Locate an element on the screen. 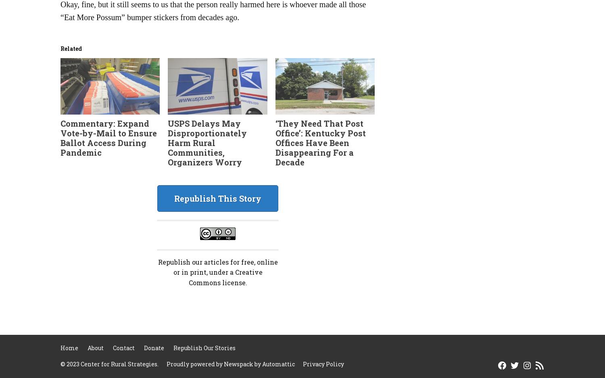 This screenshot has width=605, height=378. 'Related' is located at coordinates (71, 48).